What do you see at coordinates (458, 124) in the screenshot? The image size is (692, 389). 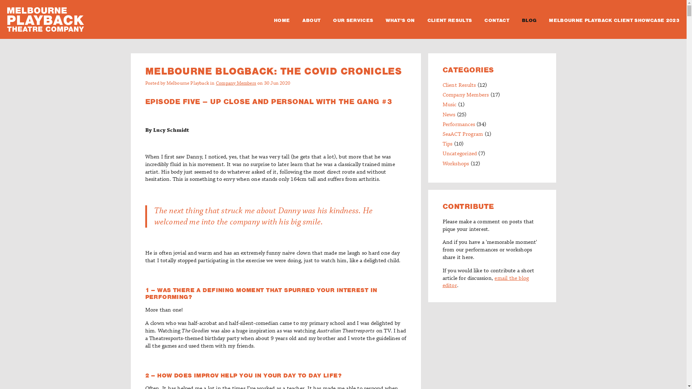 I see `'Performances'` at bounding box center [458, 124].